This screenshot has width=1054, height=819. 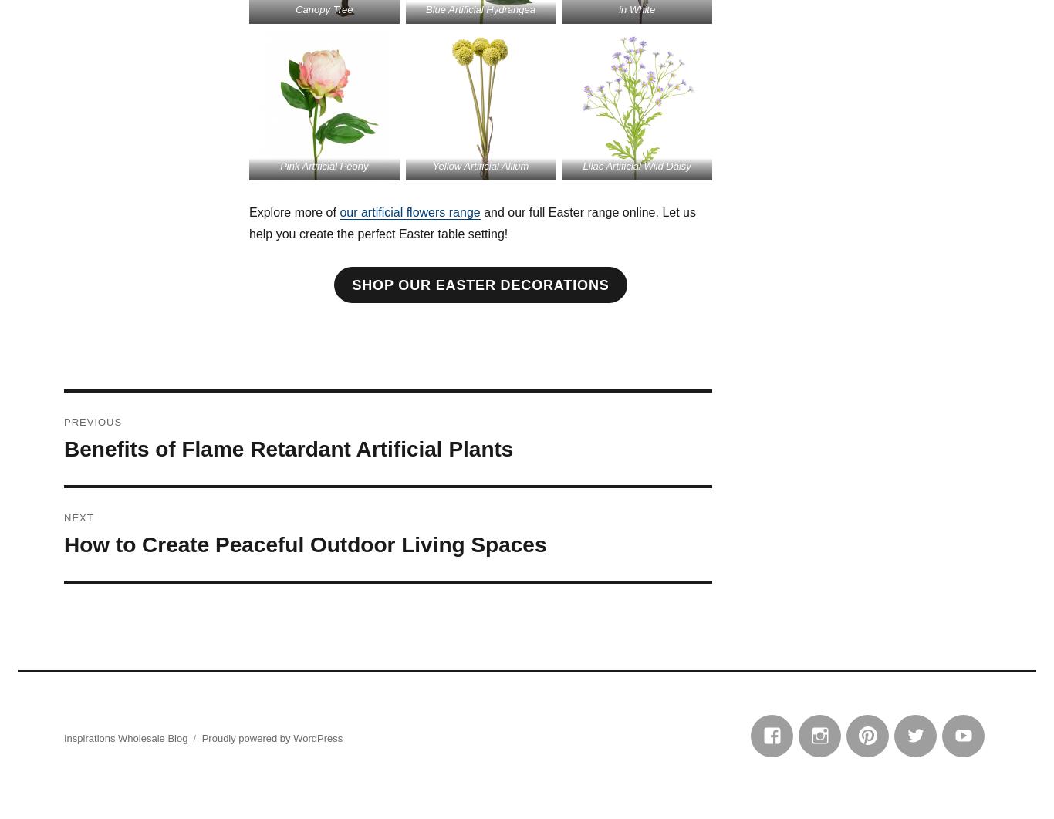 What do you see at coordinates (409, 211) in the screenshot?
I see `'our artificial flowers range'` at bounding box center [409, 211].